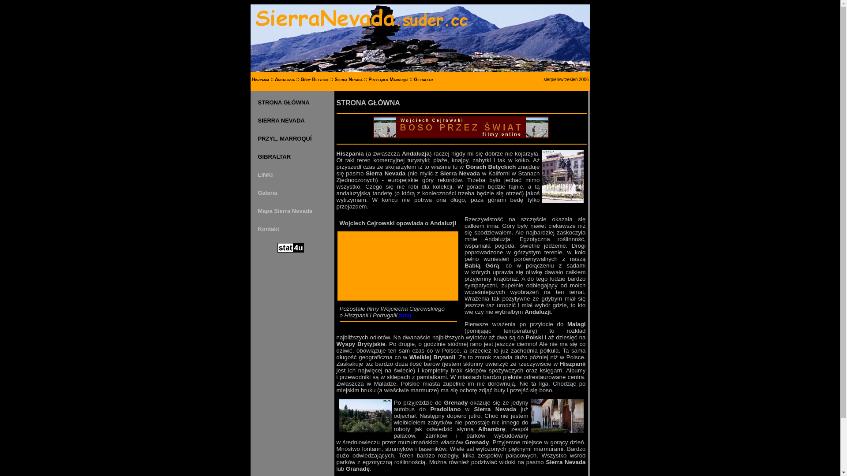 The width and height of the screenshot is (847, 476). I want to click on 'SIERRA NEVADA', so click(281, 120).